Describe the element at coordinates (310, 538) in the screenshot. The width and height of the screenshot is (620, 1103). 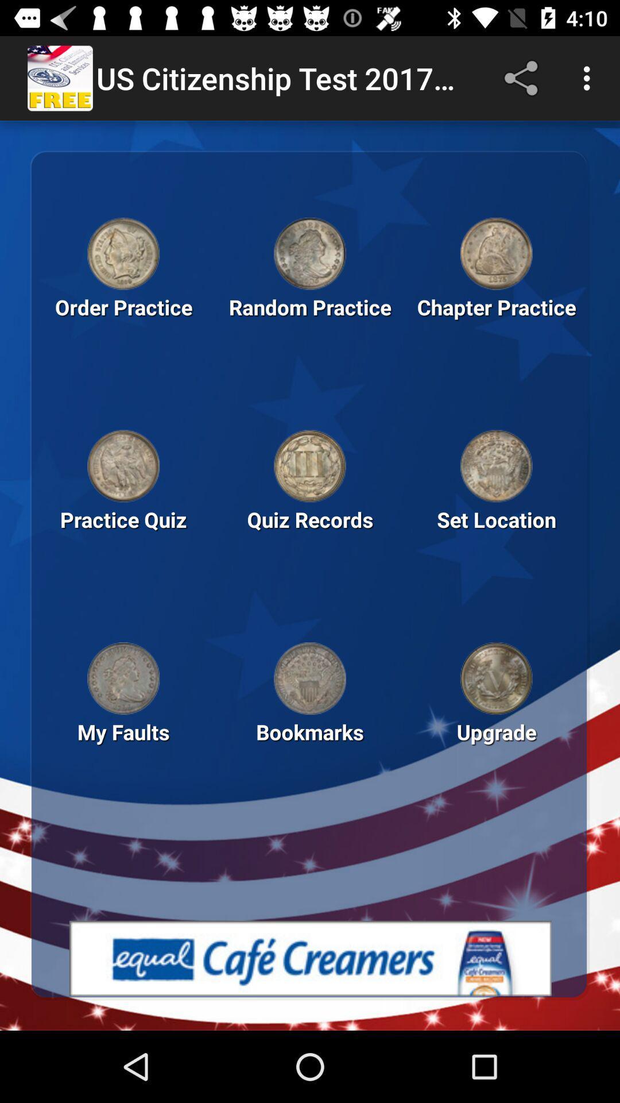
I see `the text which is immediately below the second row second image` at that location.